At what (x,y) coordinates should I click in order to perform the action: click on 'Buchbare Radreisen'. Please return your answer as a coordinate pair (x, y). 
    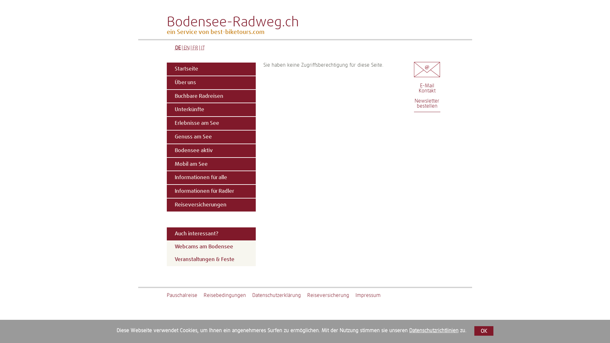
    Looking at the image, I should click on (210, 96).